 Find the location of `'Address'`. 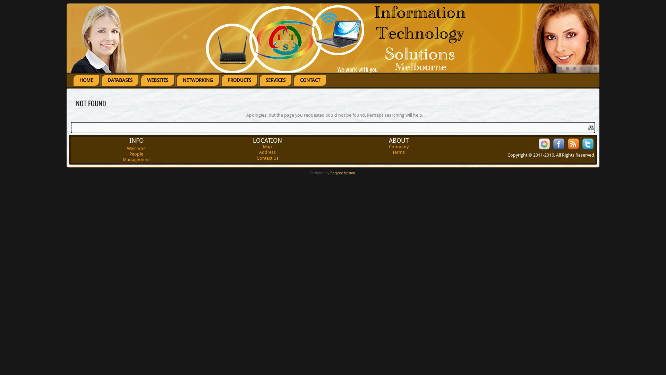

'Address' is located at coordinates (267, 152).